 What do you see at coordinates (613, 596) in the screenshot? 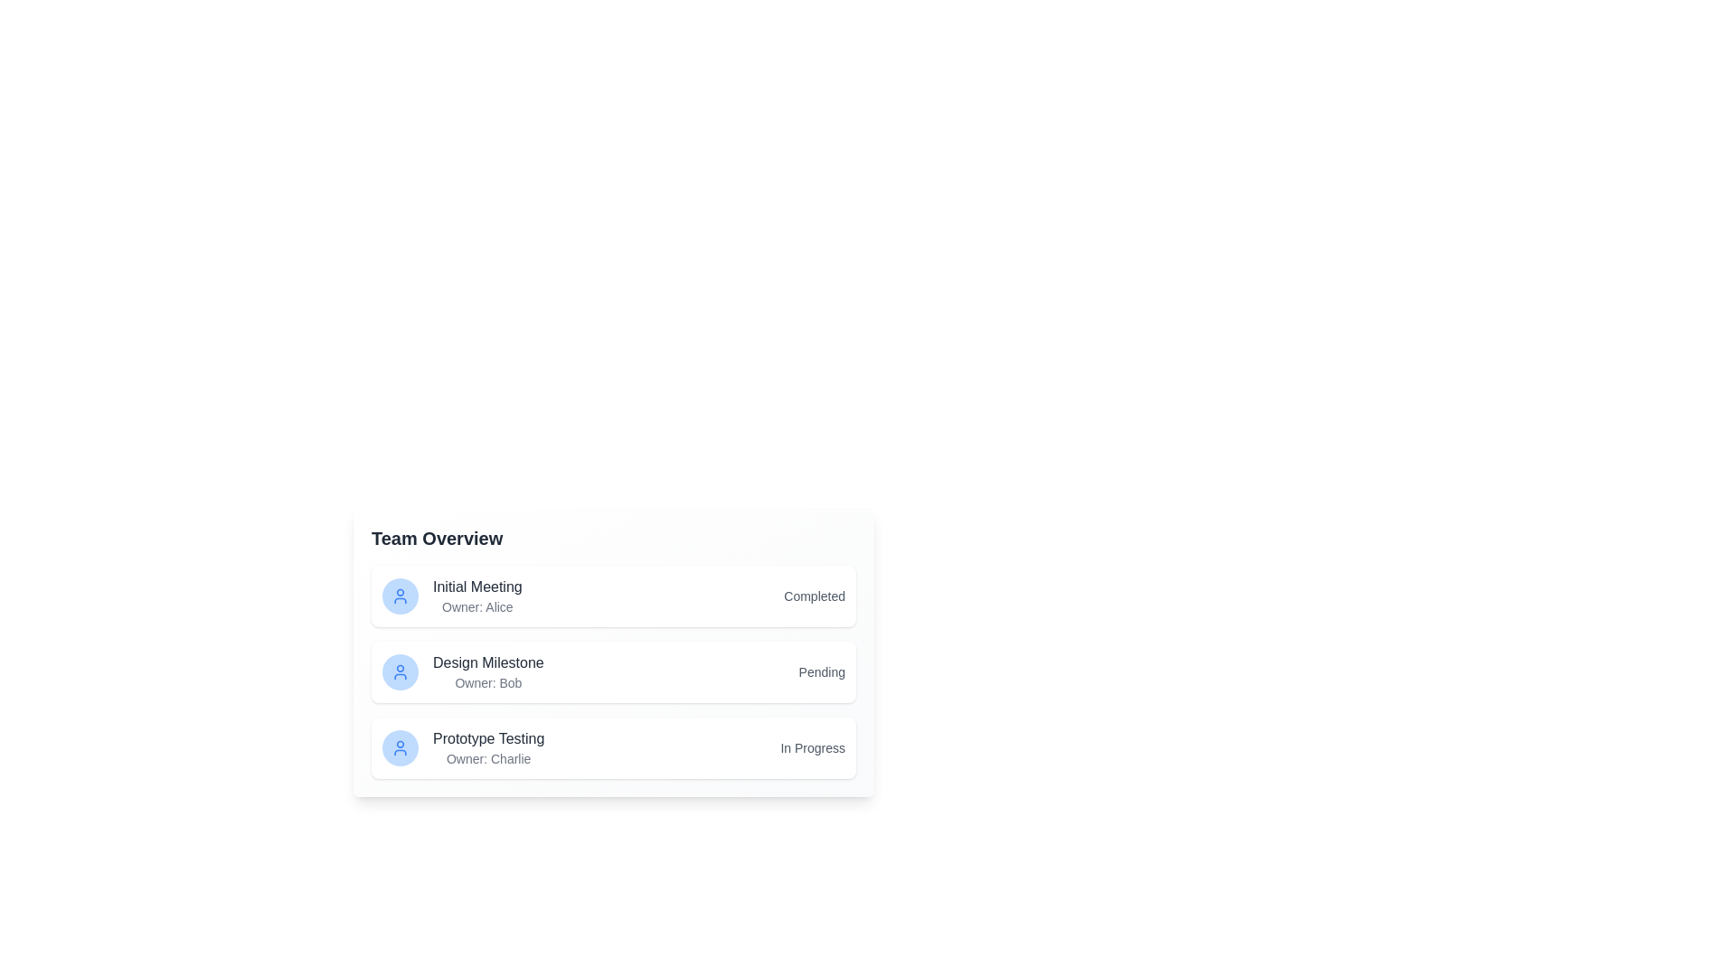
I see `the 'Initial Meeting' Card owned by 'Alice' in the 'Team Overview' section, which indicates its completion status as 'Completed'` at bounding box center [613, 596].